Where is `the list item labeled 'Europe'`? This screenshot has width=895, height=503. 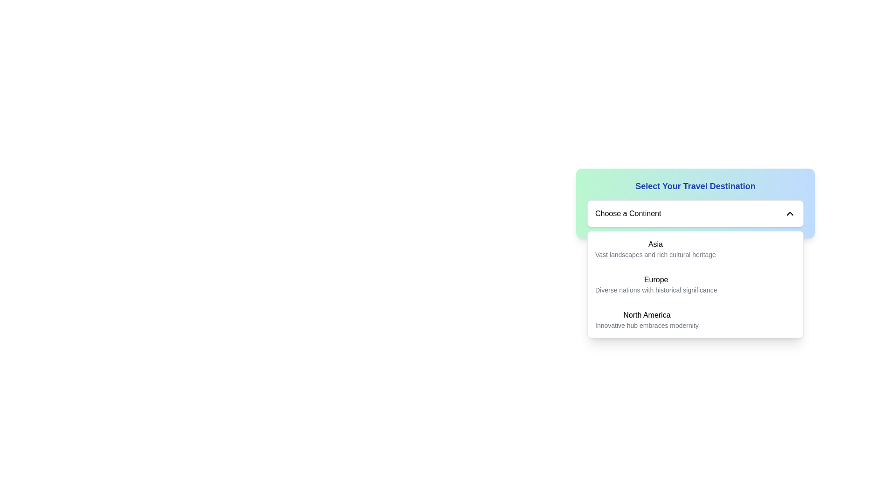 the list item labeled 'Europe' is located at coordinates (695, 284).